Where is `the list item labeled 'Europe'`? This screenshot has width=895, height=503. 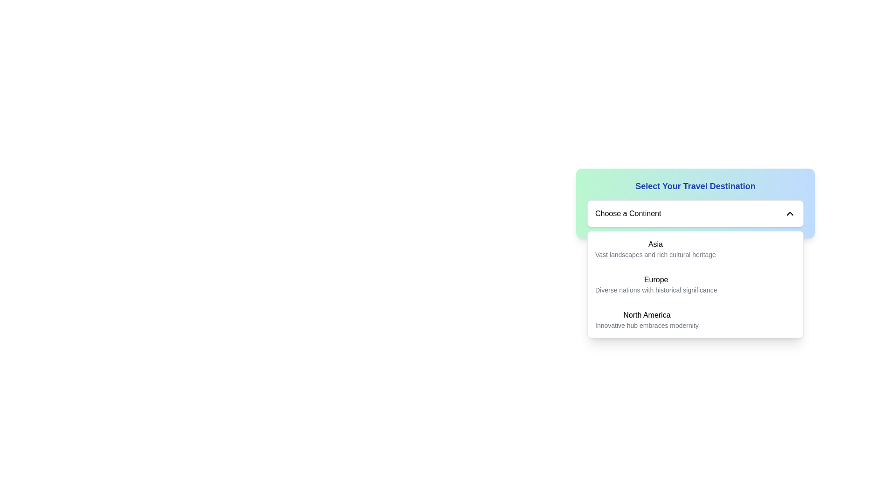 the list item labeled 'Europe' is located at coordinates (695, 284).